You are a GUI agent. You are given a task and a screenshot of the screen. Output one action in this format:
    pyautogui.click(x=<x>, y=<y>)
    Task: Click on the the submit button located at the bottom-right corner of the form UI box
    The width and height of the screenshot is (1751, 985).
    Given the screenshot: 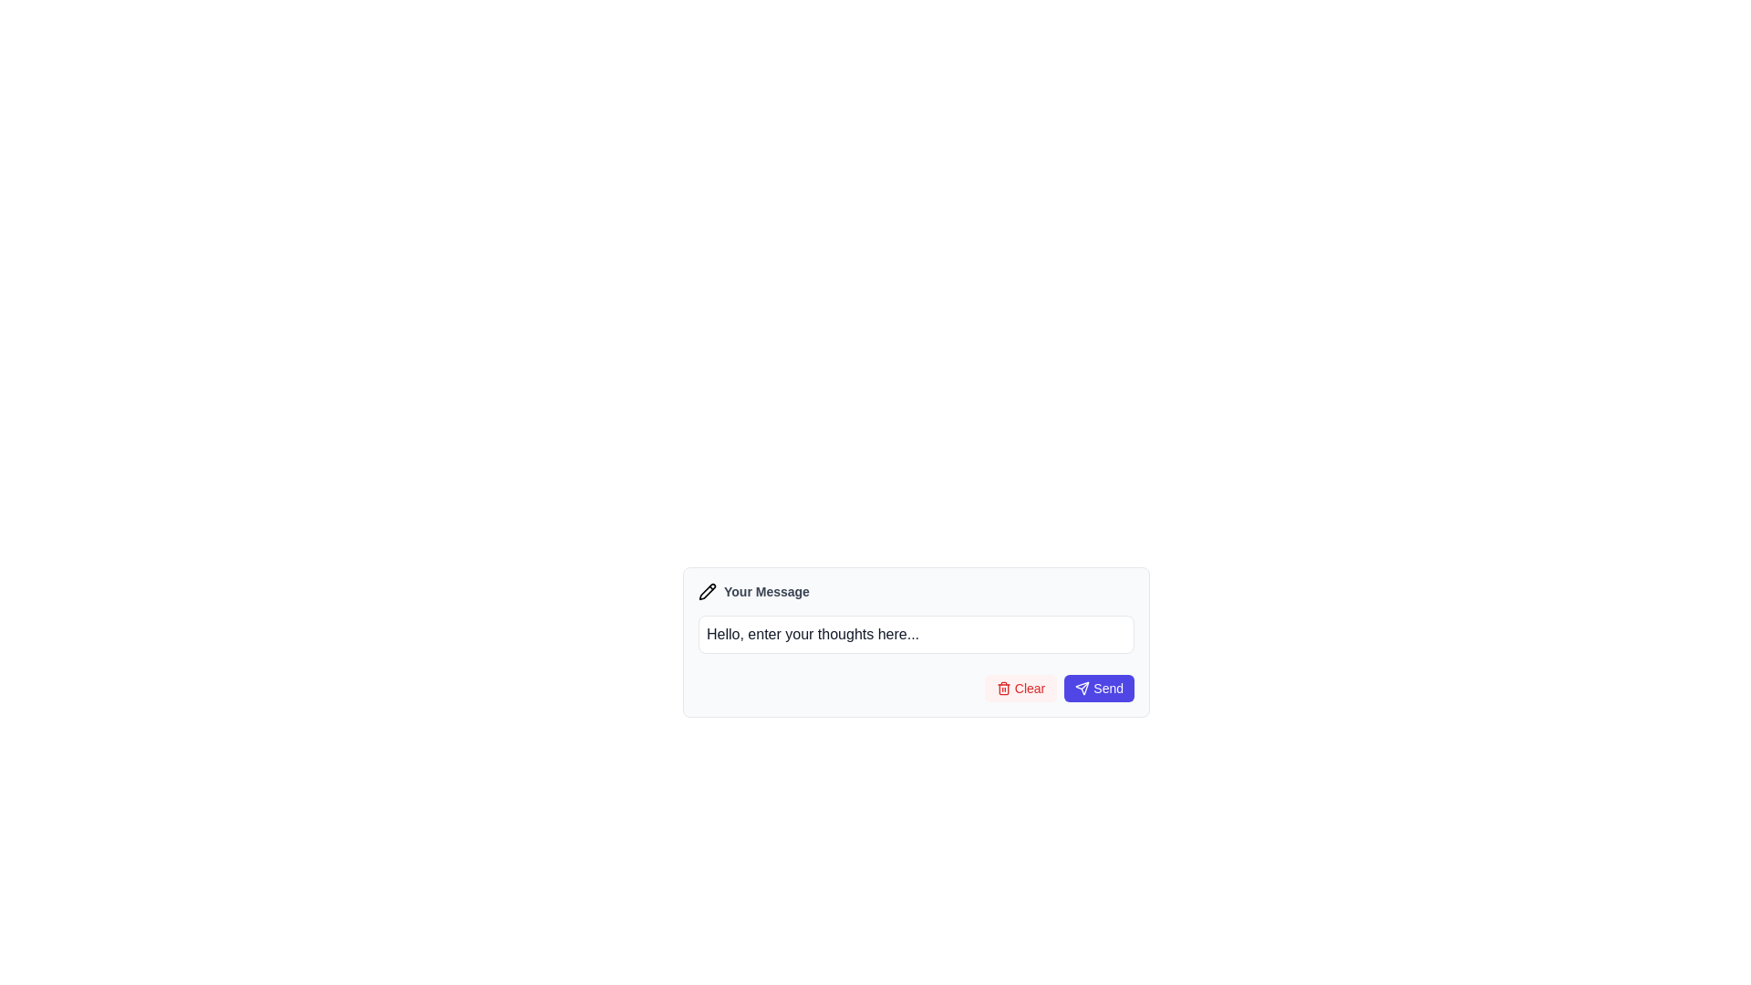 What is the action you would take?
    pyautogui.click(x=1098, y=689)
    